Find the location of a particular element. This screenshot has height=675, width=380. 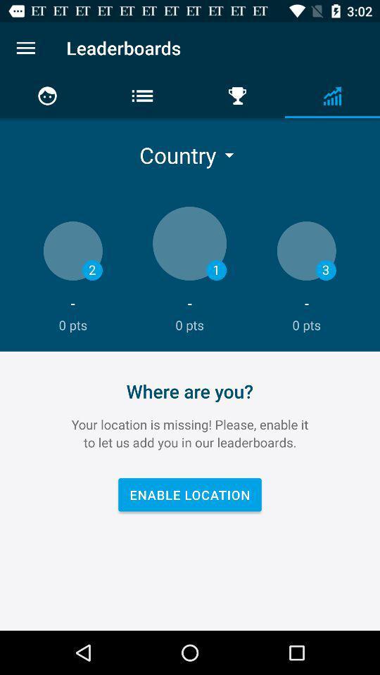

the icon next to leaderboards item is located at coordinates (25, 48).